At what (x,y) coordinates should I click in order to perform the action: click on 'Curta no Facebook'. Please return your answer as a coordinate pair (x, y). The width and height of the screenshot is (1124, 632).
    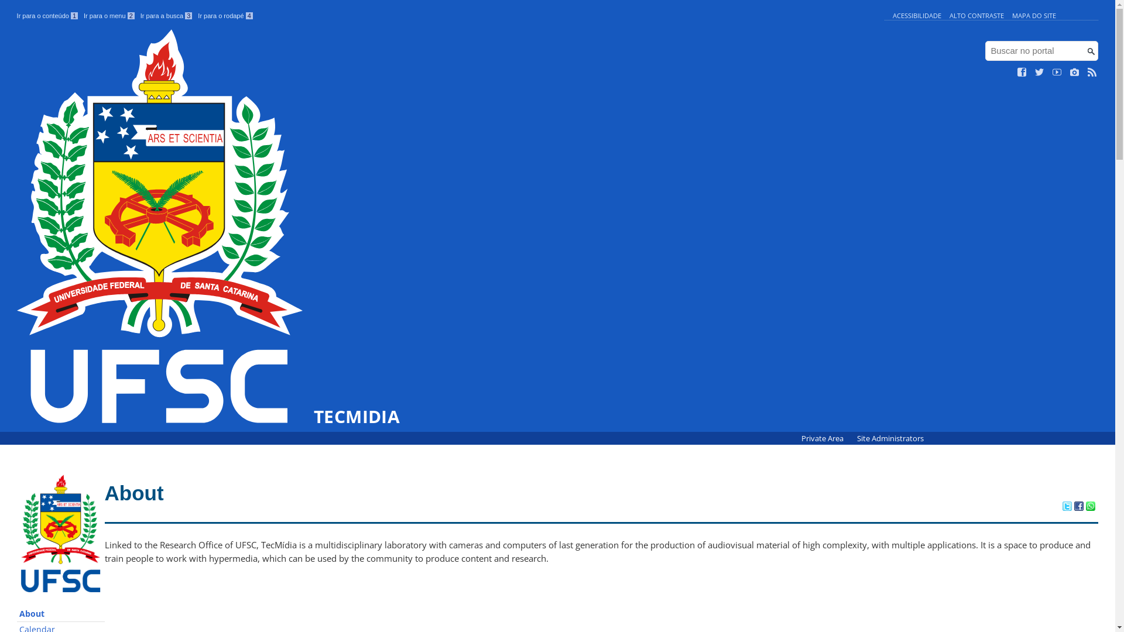
    Looking at the image, I should click on (1022, 72).